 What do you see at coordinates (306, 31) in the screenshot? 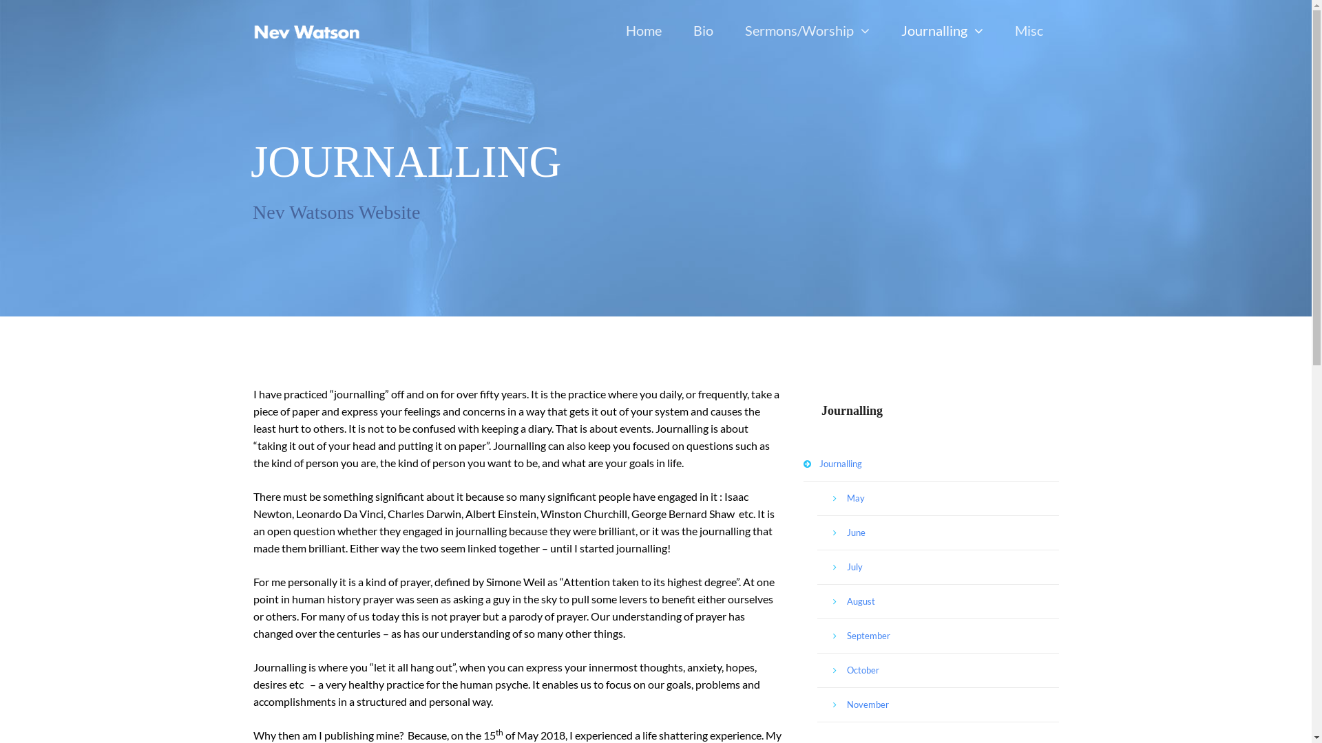
I see `'Reverend Nev Watson'` at bounding box center [306, 31].